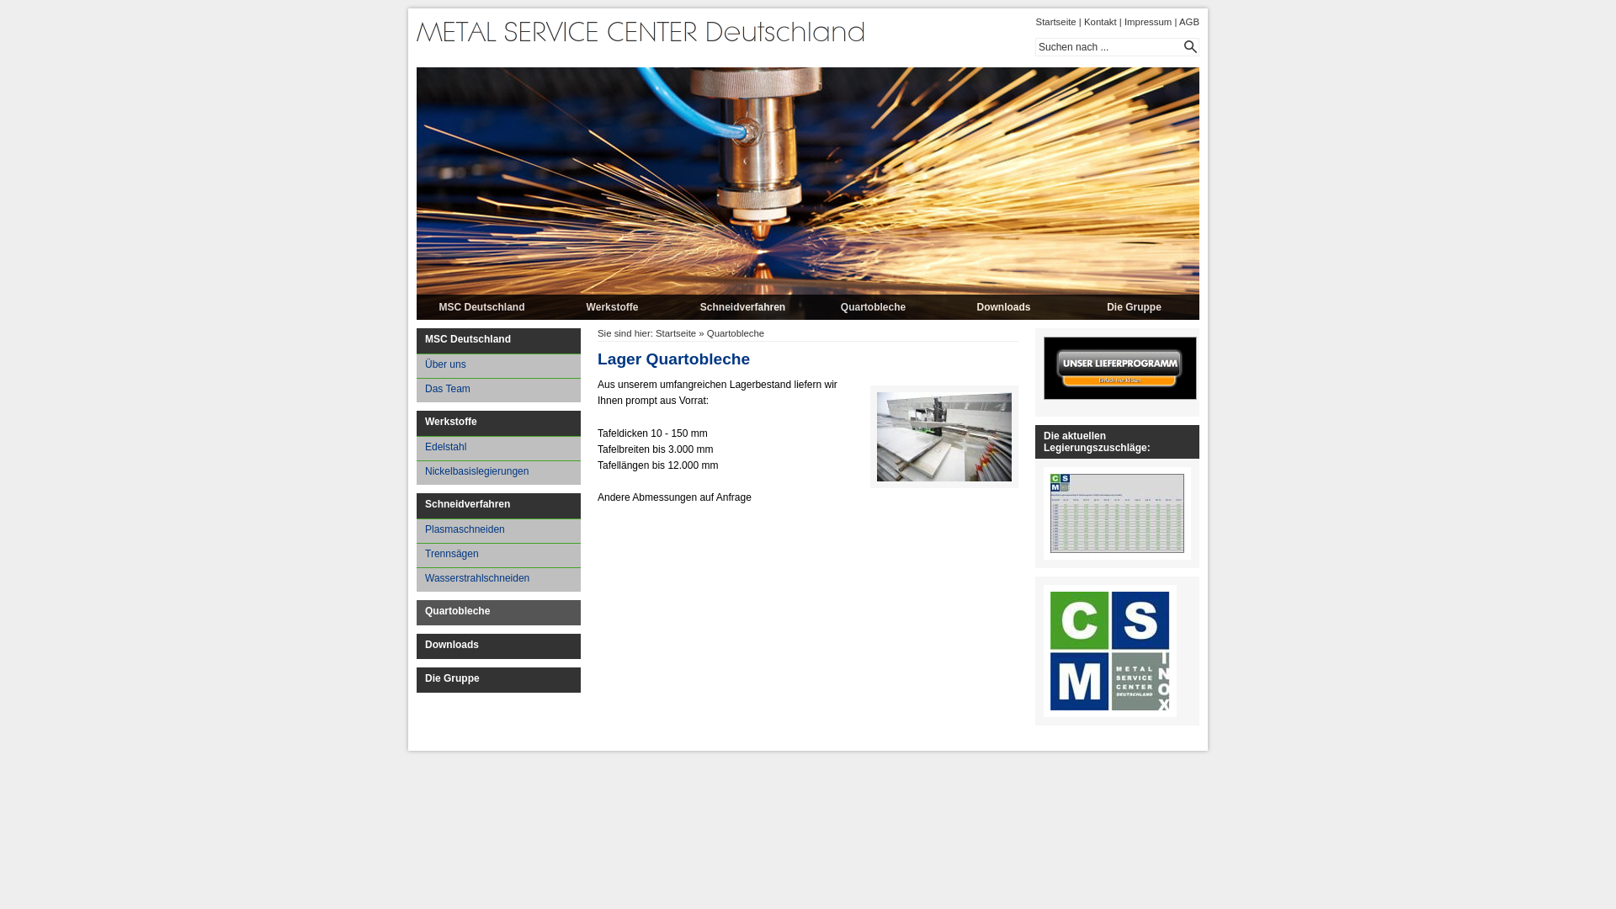 This screenshot has height=909, width=1616. Describe the element at coordinates (873, 307) in the screenshot. I see `'Quartobleche'` at that location.